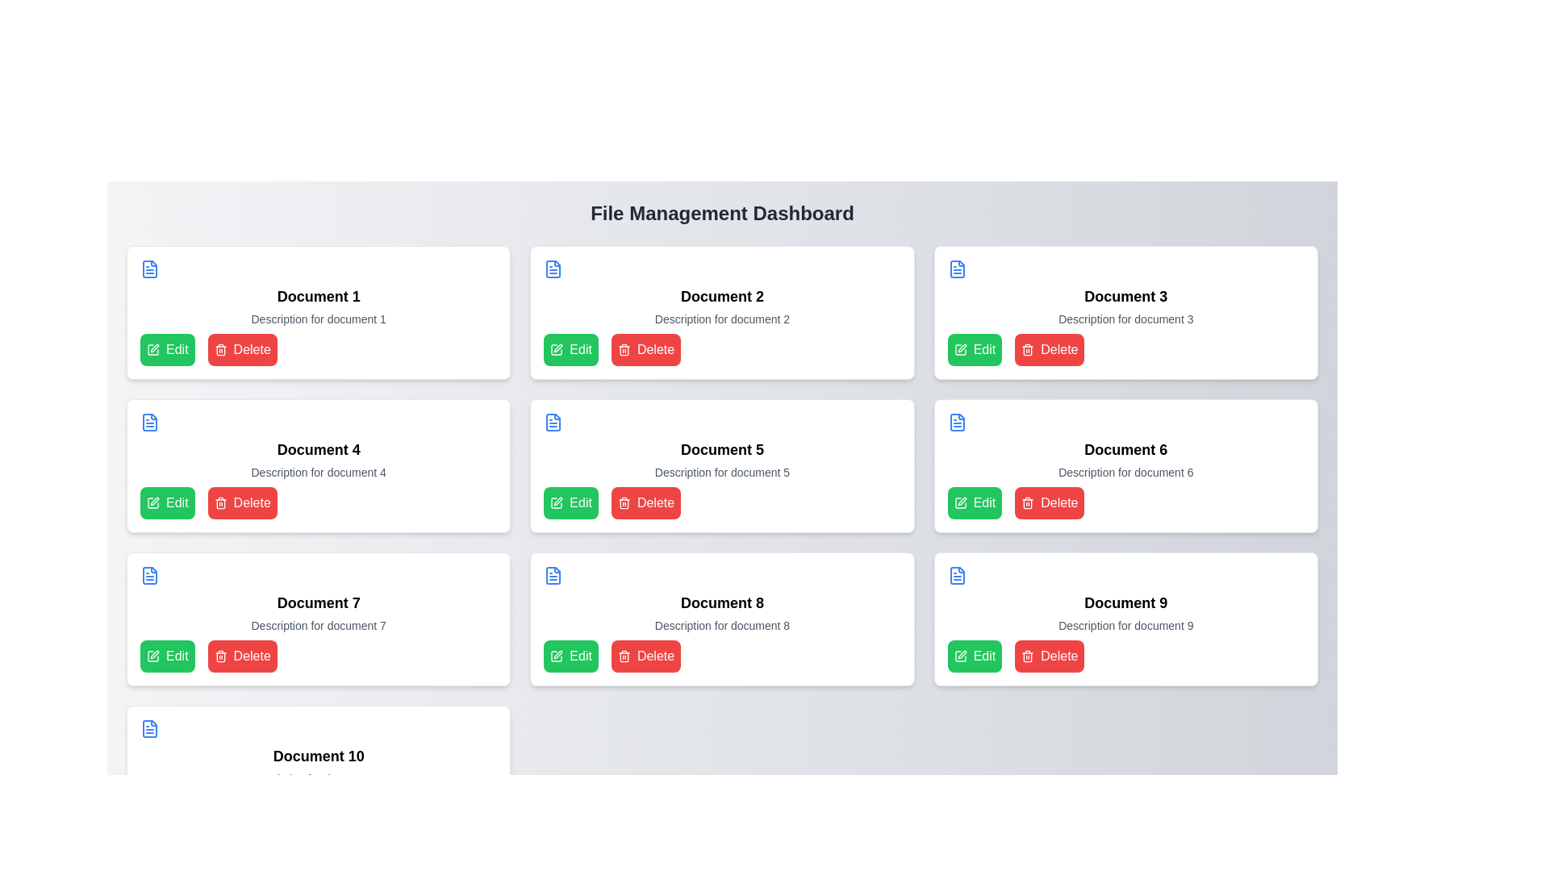  Describe the element at coordinates (646, 349) in the screenshot. I see `the delete button in the 'Document 2' card` at that location.